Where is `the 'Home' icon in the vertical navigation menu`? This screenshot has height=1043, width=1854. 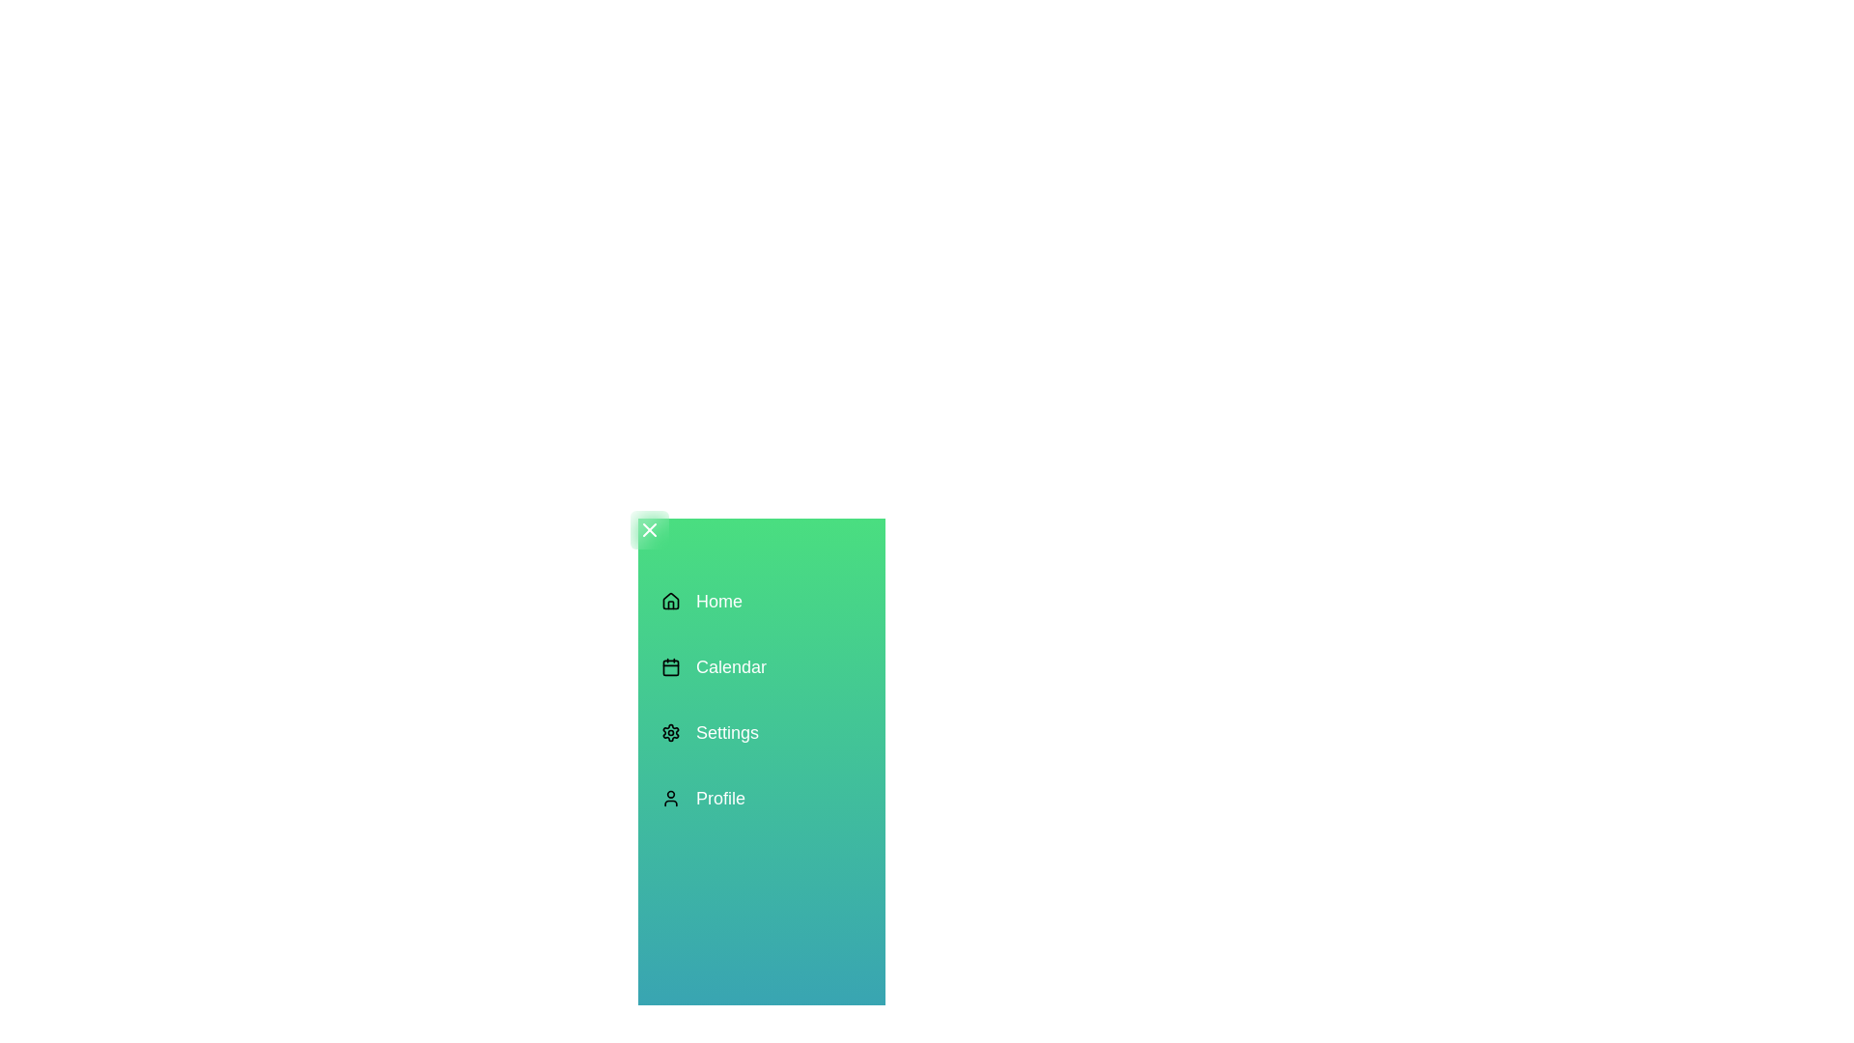 the 'Home' icon in the vertical navigation menu is located at coordinates (671, 601).